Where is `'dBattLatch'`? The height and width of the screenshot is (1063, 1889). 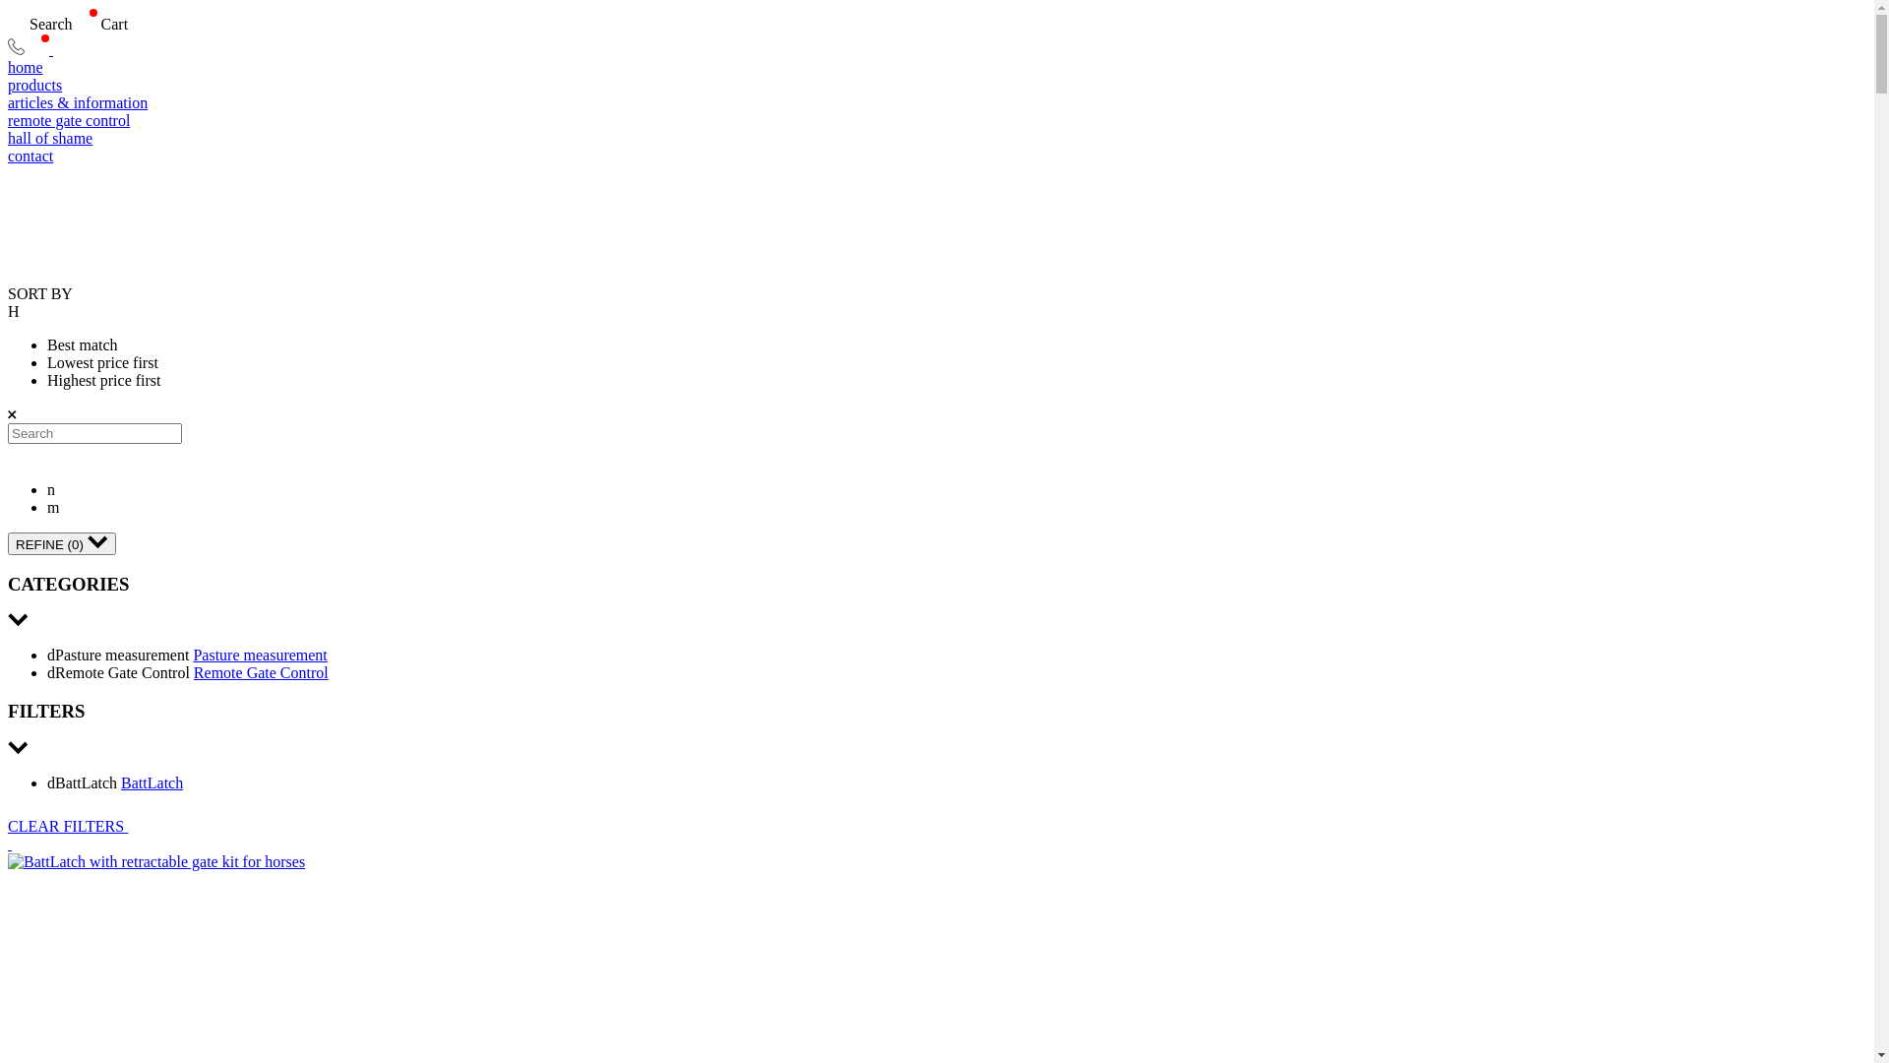 'dBattLatch' is located at coordinates (83, 782).